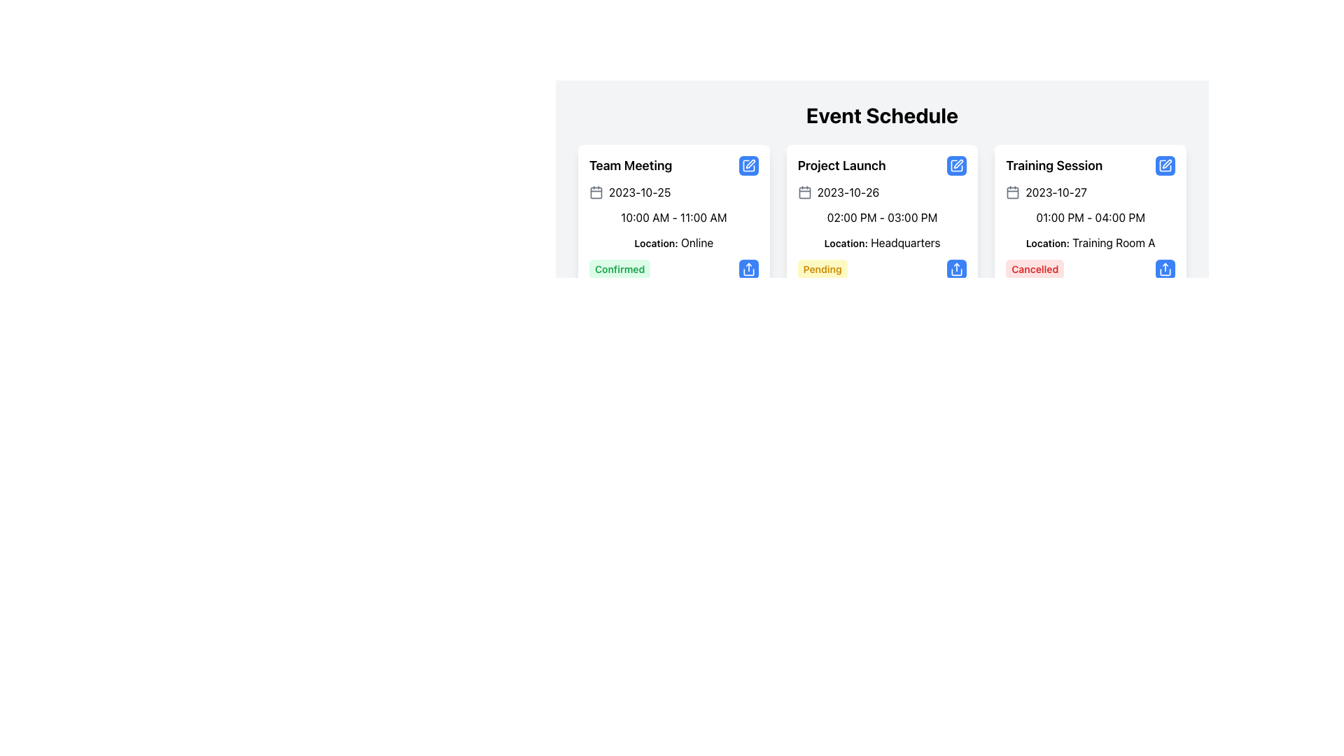 The image size is (1344, 756). I want to click on informational text label located in the bottom half of the 'Training Session' card, specifically under the time range '01:00 PM - 04:00 PM', so click(1090, 242).